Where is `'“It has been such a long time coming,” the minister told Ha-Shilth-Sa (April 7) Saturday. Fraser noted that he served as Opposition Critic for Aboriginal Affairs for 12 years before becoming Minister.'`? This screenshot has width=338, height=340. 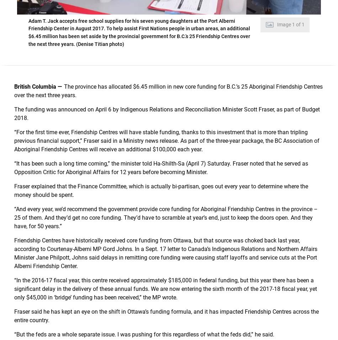 '“It has been such a long time coming,” the minister told Ha-Shilth-Sa (April 7) Saturday. Fraser noted that he served as Opposition Critic for Aboriginal Affairs for 12 years before becoming Minister.' is located at coordinates (160, 167).